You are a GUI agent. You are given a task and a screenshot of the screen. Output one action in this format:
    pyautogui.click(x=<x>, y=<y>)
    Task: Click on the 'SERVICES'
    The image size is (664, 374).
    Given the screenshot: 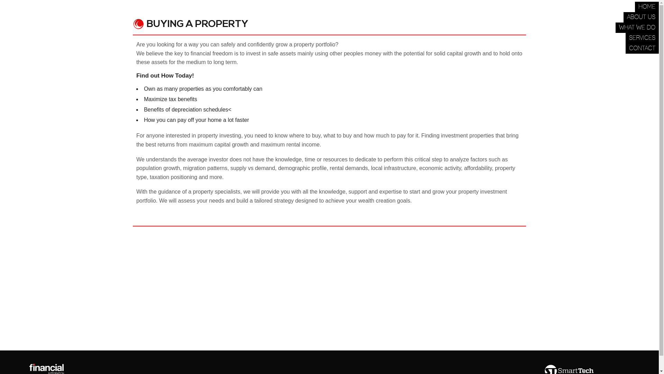 What is the action you would take?
    pyautogui.click(x=642, y=38)
    